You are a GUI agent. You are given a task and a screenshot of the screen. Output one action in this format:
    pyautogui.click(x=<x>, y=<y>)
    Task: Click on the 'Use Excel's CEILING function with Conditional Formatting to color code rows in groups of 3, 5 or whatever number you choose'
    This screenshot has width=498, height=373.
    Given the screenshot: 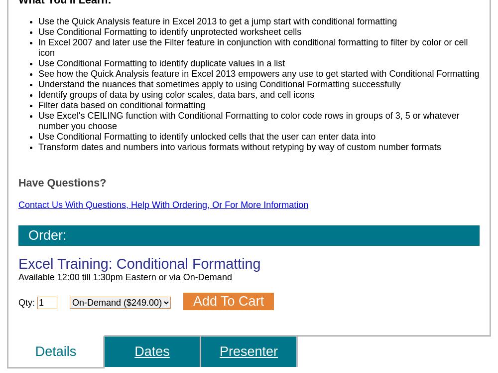 What is the action you would take?
    pyautogui.click(x=248, y=120)
    